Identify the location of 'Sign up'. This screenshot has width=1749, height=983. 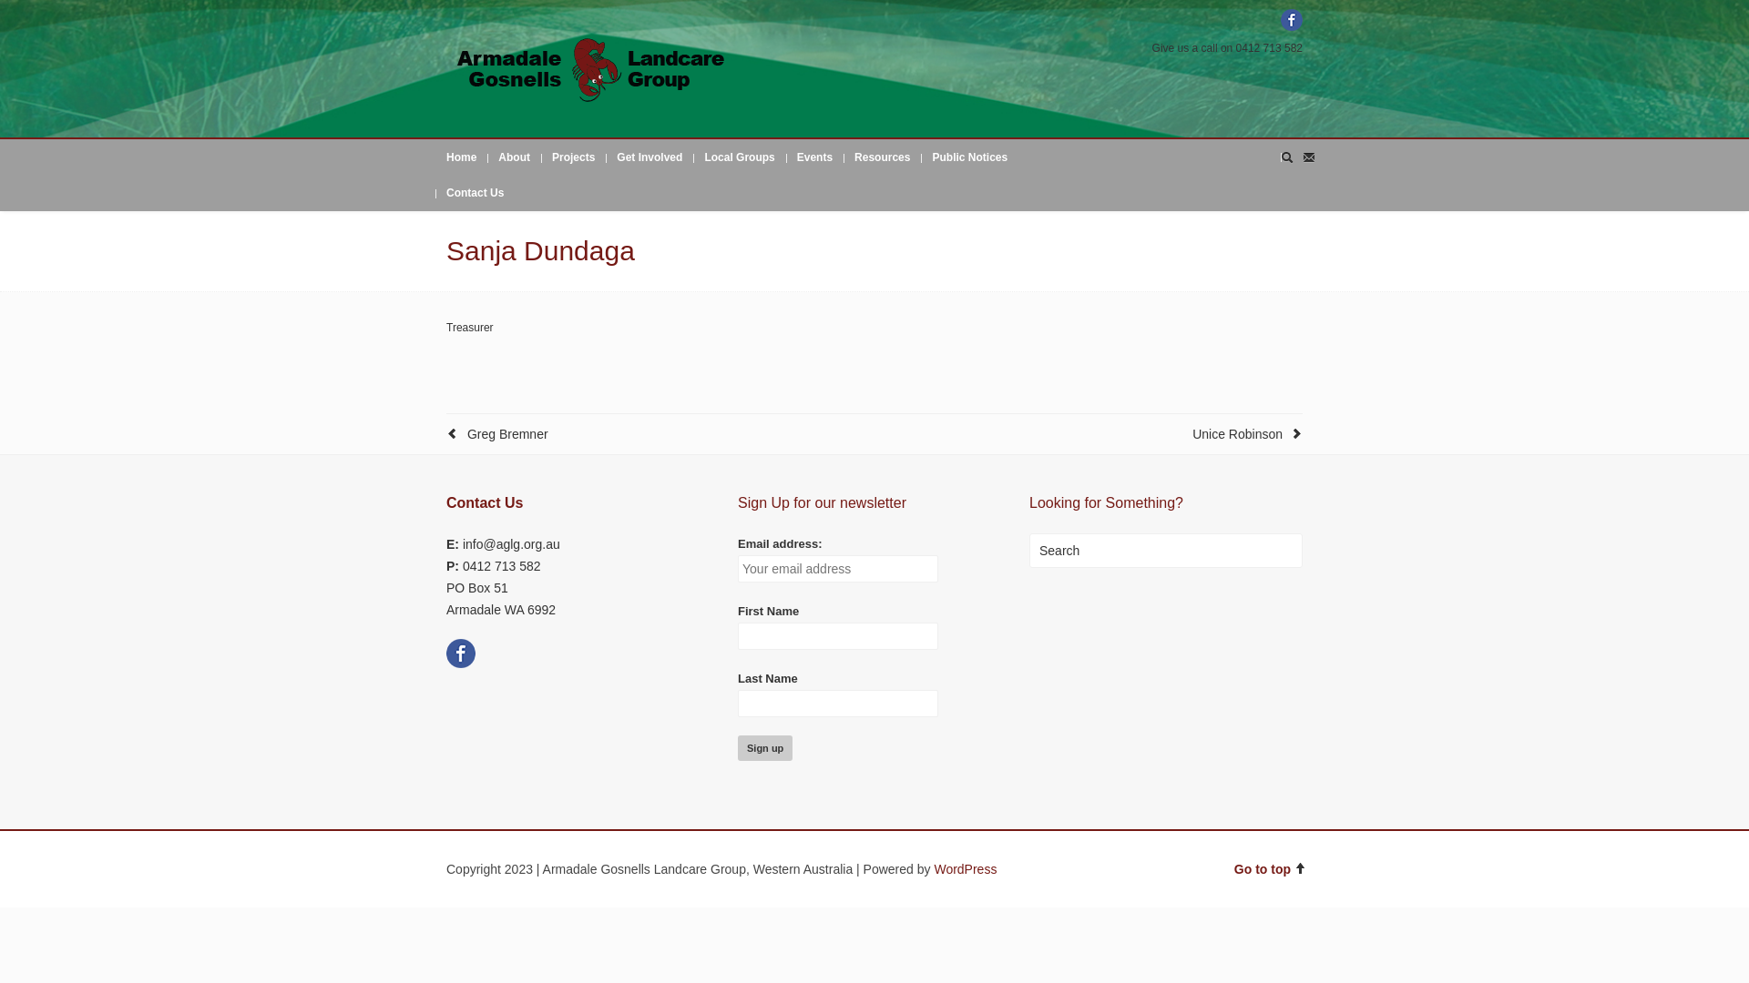
(765, 747).